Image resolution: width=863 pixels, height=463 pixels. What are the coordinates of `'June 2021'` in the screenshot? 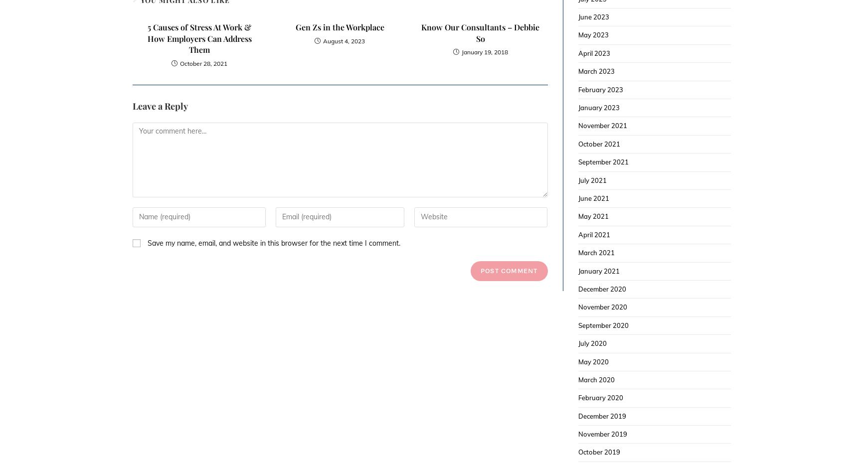 It's located at (593, 197).